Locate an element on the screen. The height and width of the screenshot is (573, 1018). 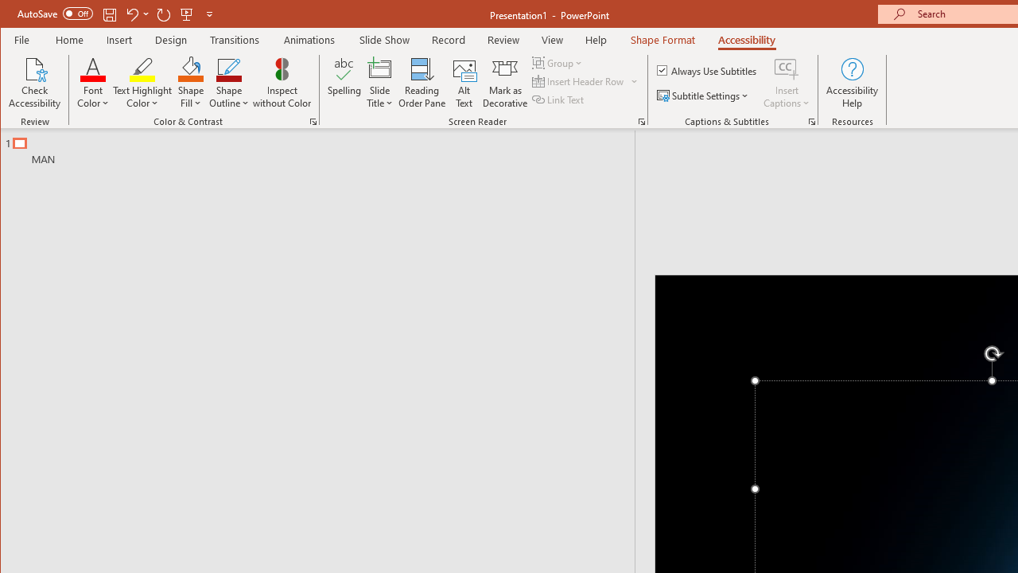
'Shape Fill Orange, Accent 2' is located at coordinates (191, 68).